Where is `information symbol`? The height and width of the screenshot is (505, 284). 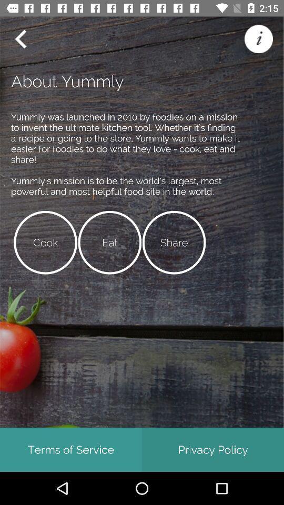 information symbol is located at coordinates (258, 39).